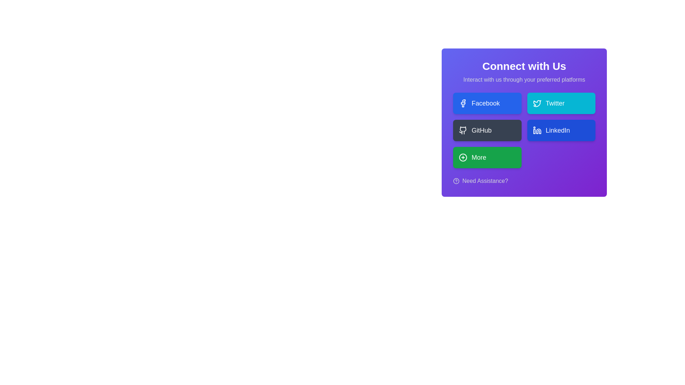 The width and height of the screenshot is (685, 385). Describe the element at coordinates (487, 157) in the screenshot. I see `the green 'More' button located in the bottom-left corner of the button grid` at that location.